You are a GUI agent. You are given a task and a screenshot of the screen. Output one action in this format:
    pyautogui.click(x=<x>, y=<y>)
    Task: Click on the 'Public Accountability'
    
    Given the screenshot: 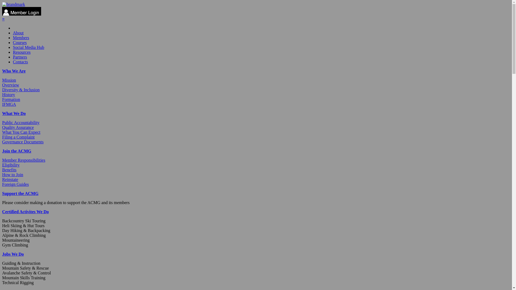 What is the action you would take?
    pyautogui.click(x=2, y=122)
    